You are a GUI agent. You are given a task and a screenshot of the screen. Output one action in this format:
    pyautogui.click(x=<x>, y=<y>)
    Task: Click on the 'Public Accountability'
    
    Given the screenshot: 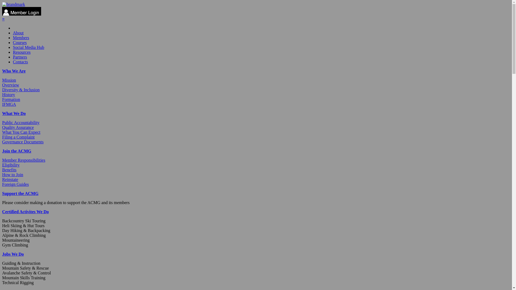 What is the action you would take?
    pyautogui.click(x=2, y=122)
    